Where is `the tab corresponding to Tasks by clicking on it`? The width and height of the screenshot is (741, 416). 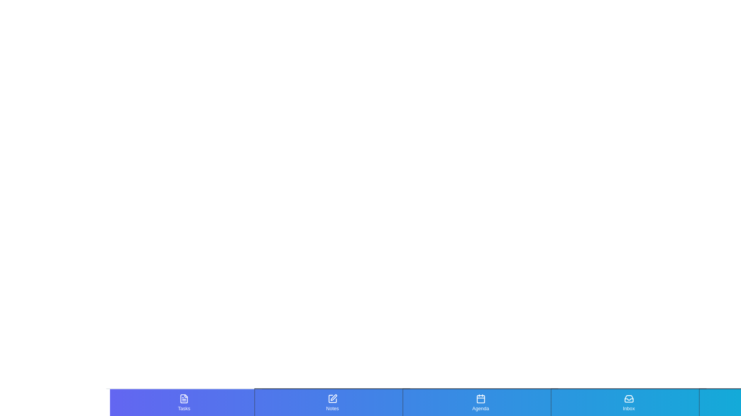 the tab corresponding to Tasks by clicking on it is located at coordinates (183, 402).